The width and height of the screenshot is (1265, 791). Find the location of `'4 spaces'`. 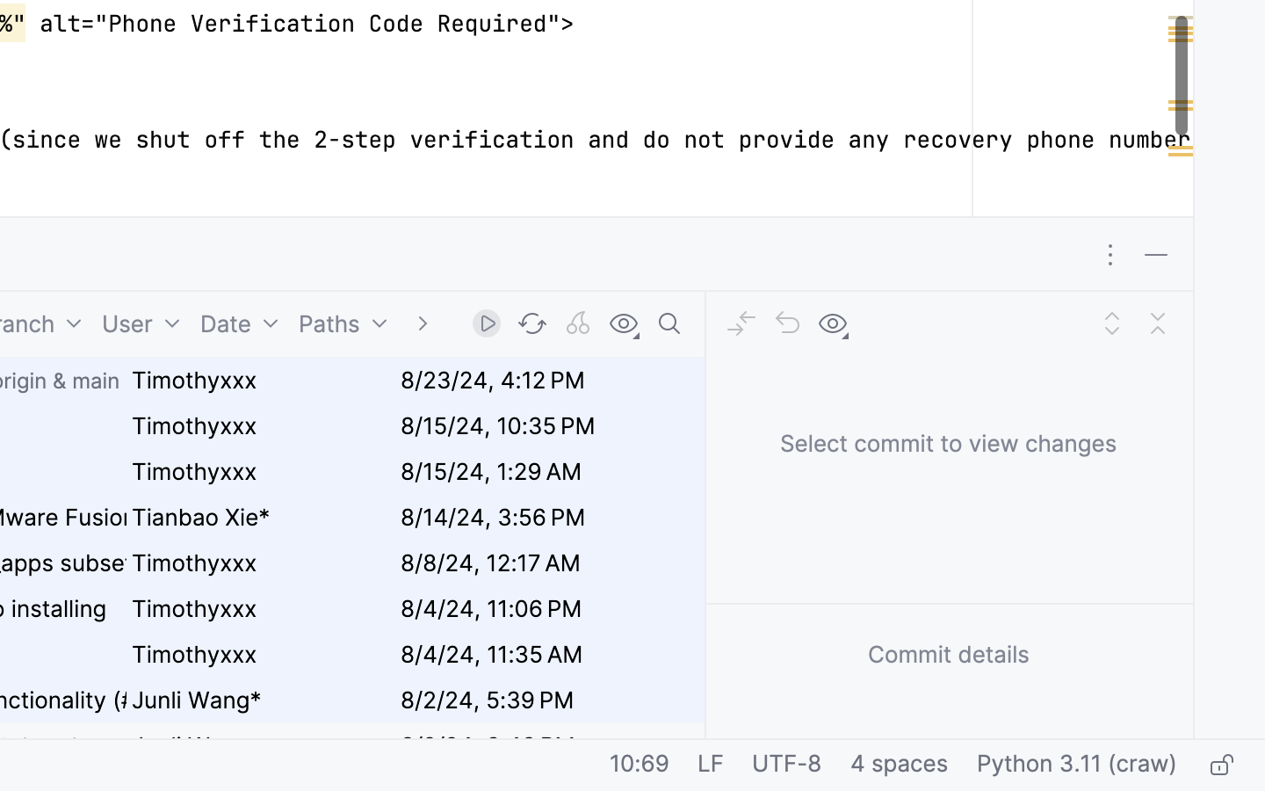

'4 spaces' is located at coordinates (899, 766).